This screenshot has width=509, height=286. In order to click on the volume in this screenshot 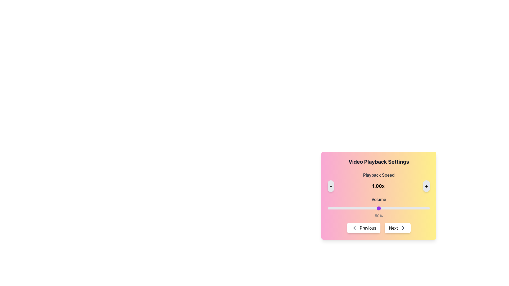, I will do `click(331, 208)`.